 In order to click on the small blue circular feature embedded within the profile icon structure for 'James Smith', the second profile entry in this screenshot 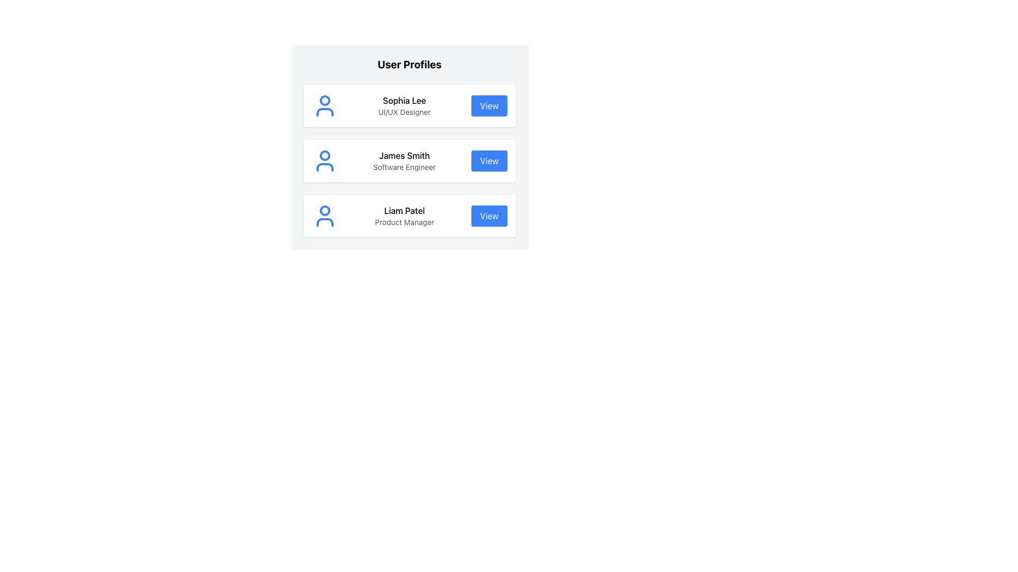, I will do `click(324, 155)`.